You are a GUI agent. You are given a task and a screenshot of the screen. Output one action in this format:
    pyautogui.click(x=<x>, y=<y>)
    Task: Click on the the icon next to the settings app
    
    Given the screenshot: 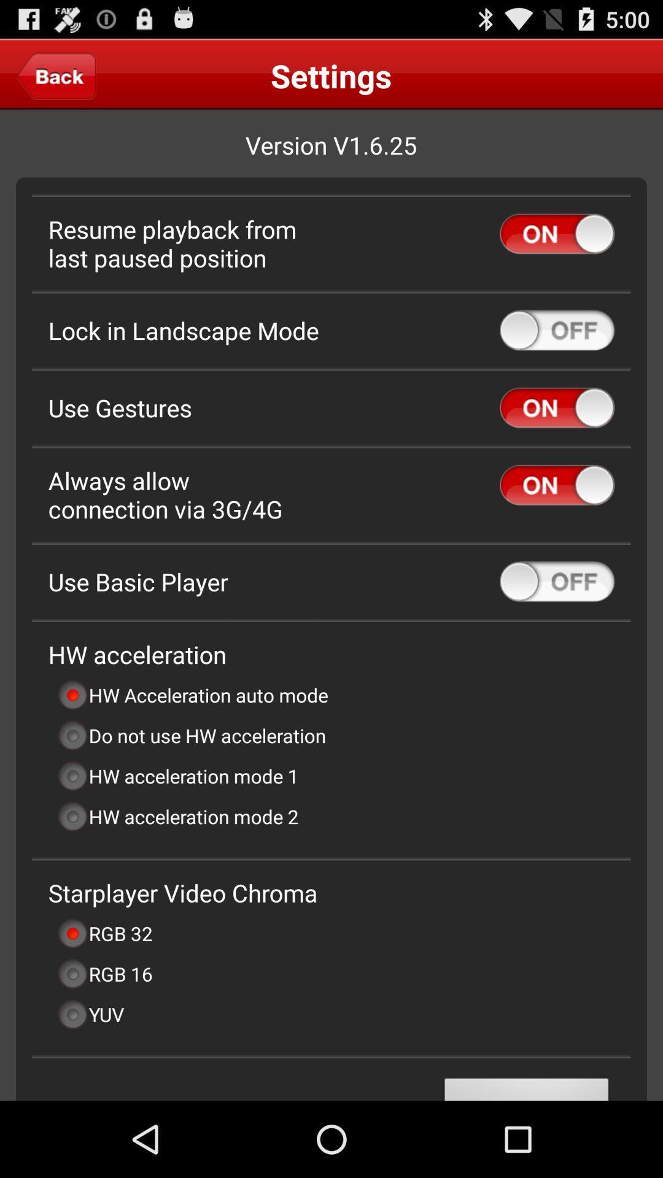 What is the action you would take?
    pyautogui.click(x=56, y=75)
    